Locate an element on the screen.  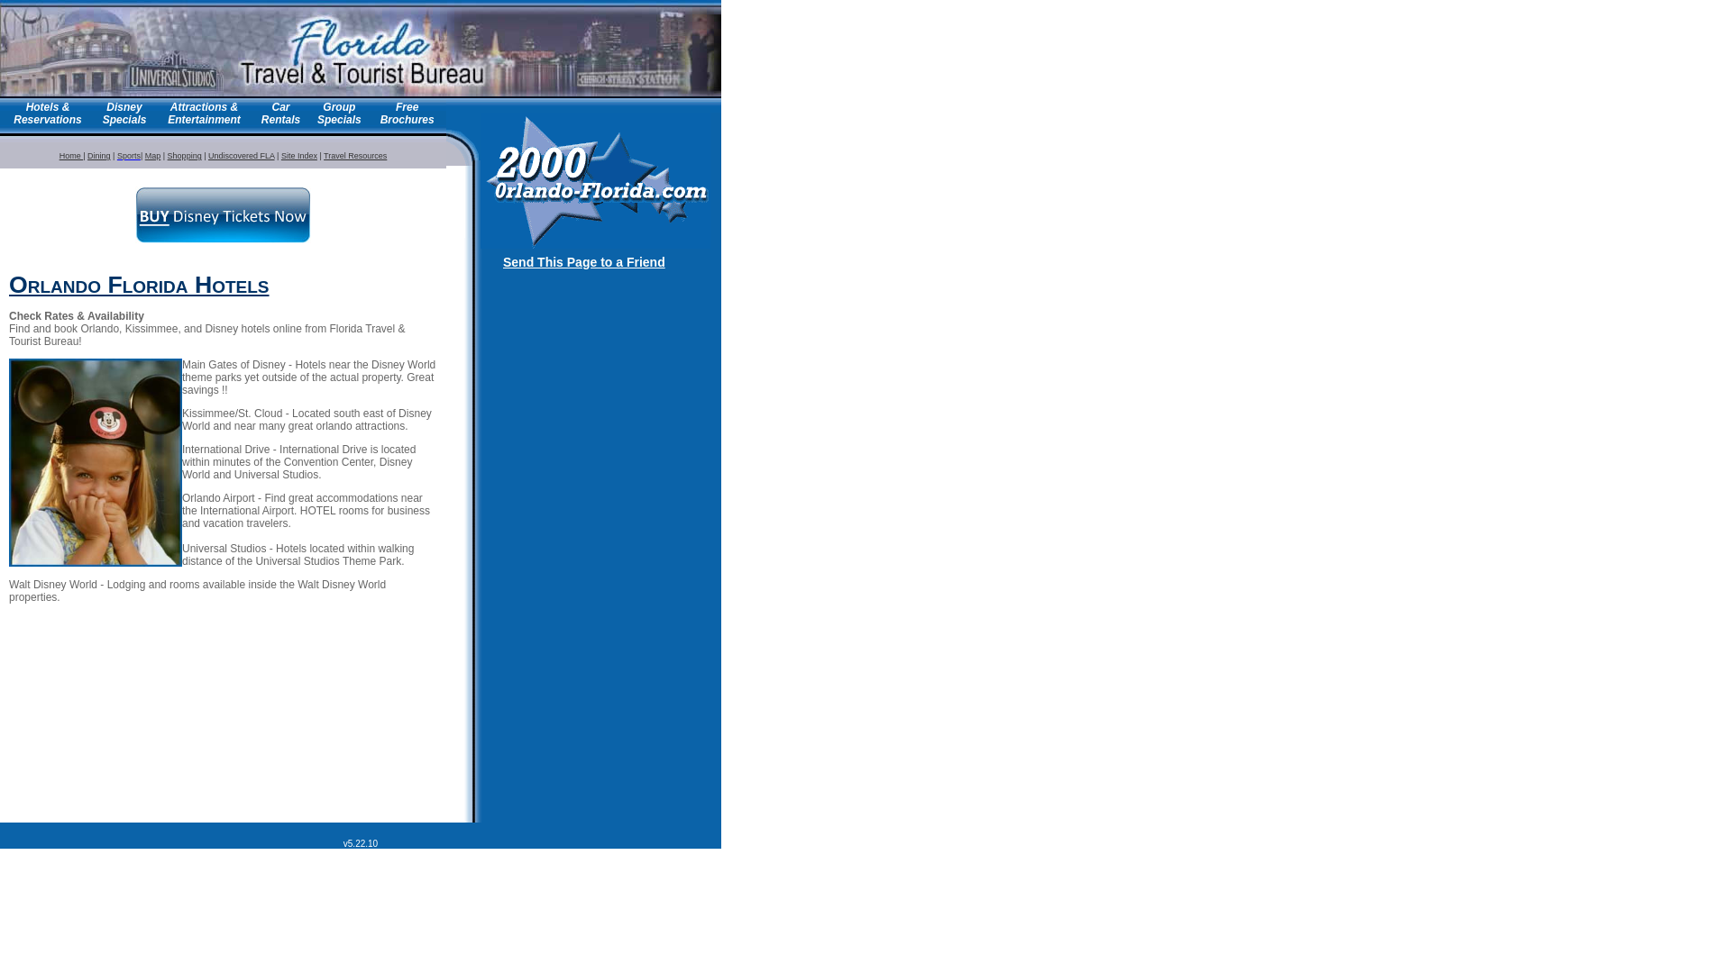
'Group is located at coordinates (316, 114).